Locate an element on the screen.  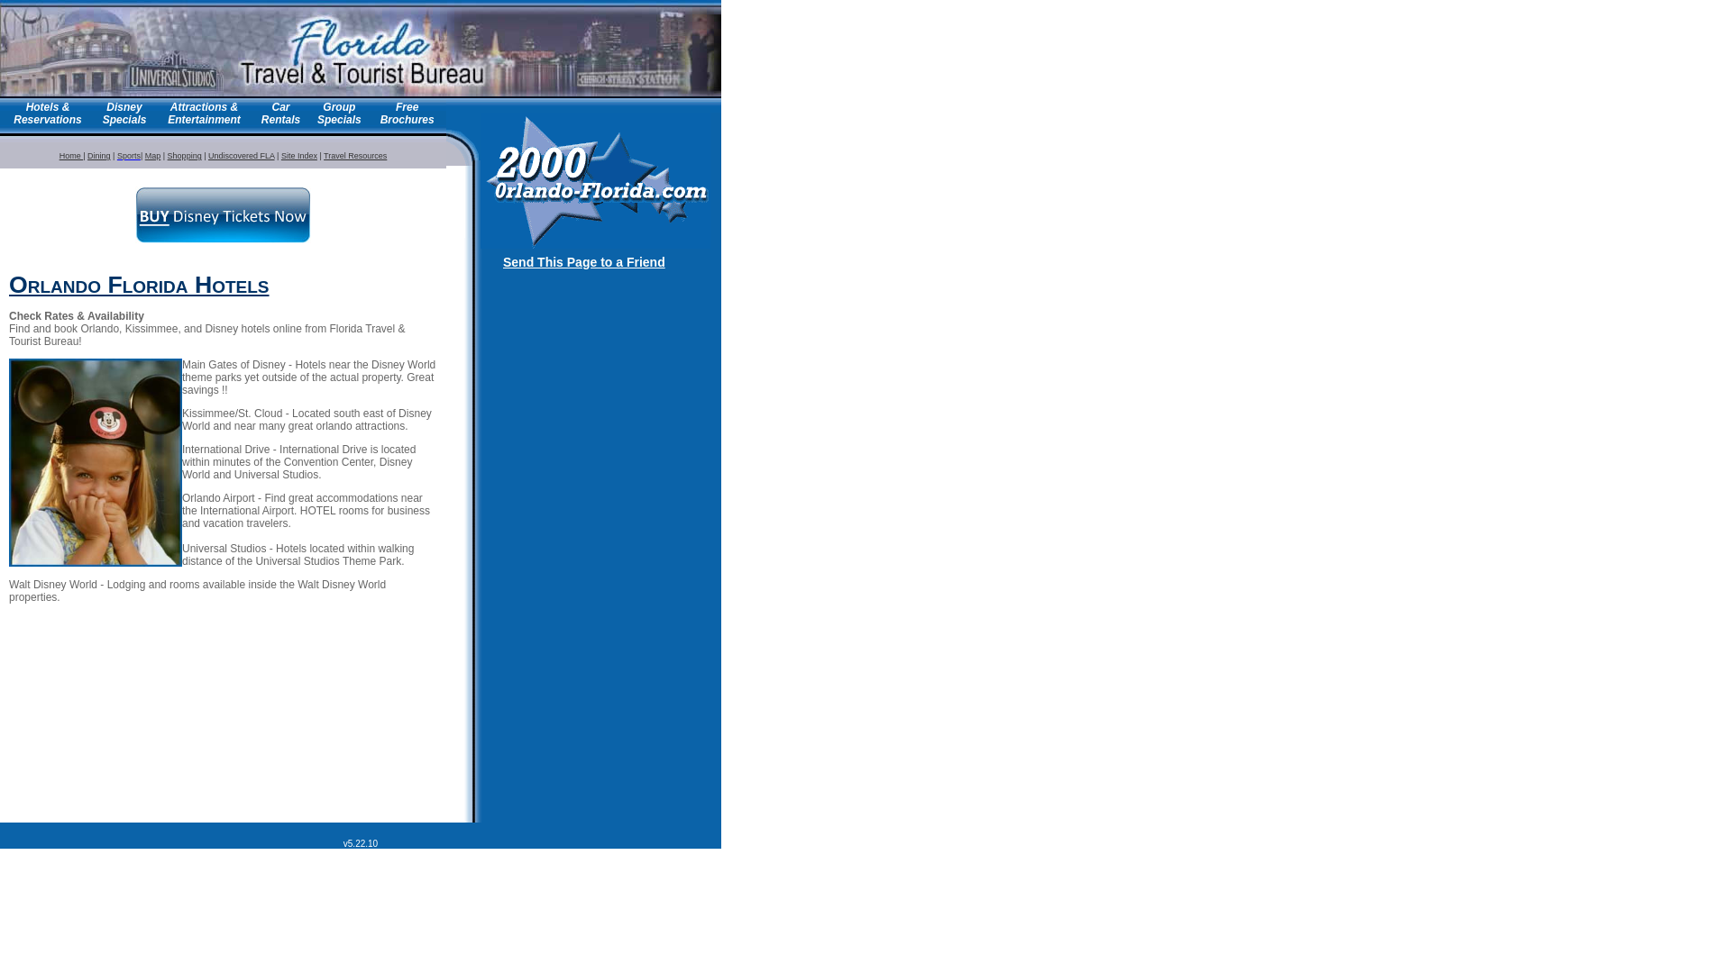
'Group is located at coordinates (316, 114).